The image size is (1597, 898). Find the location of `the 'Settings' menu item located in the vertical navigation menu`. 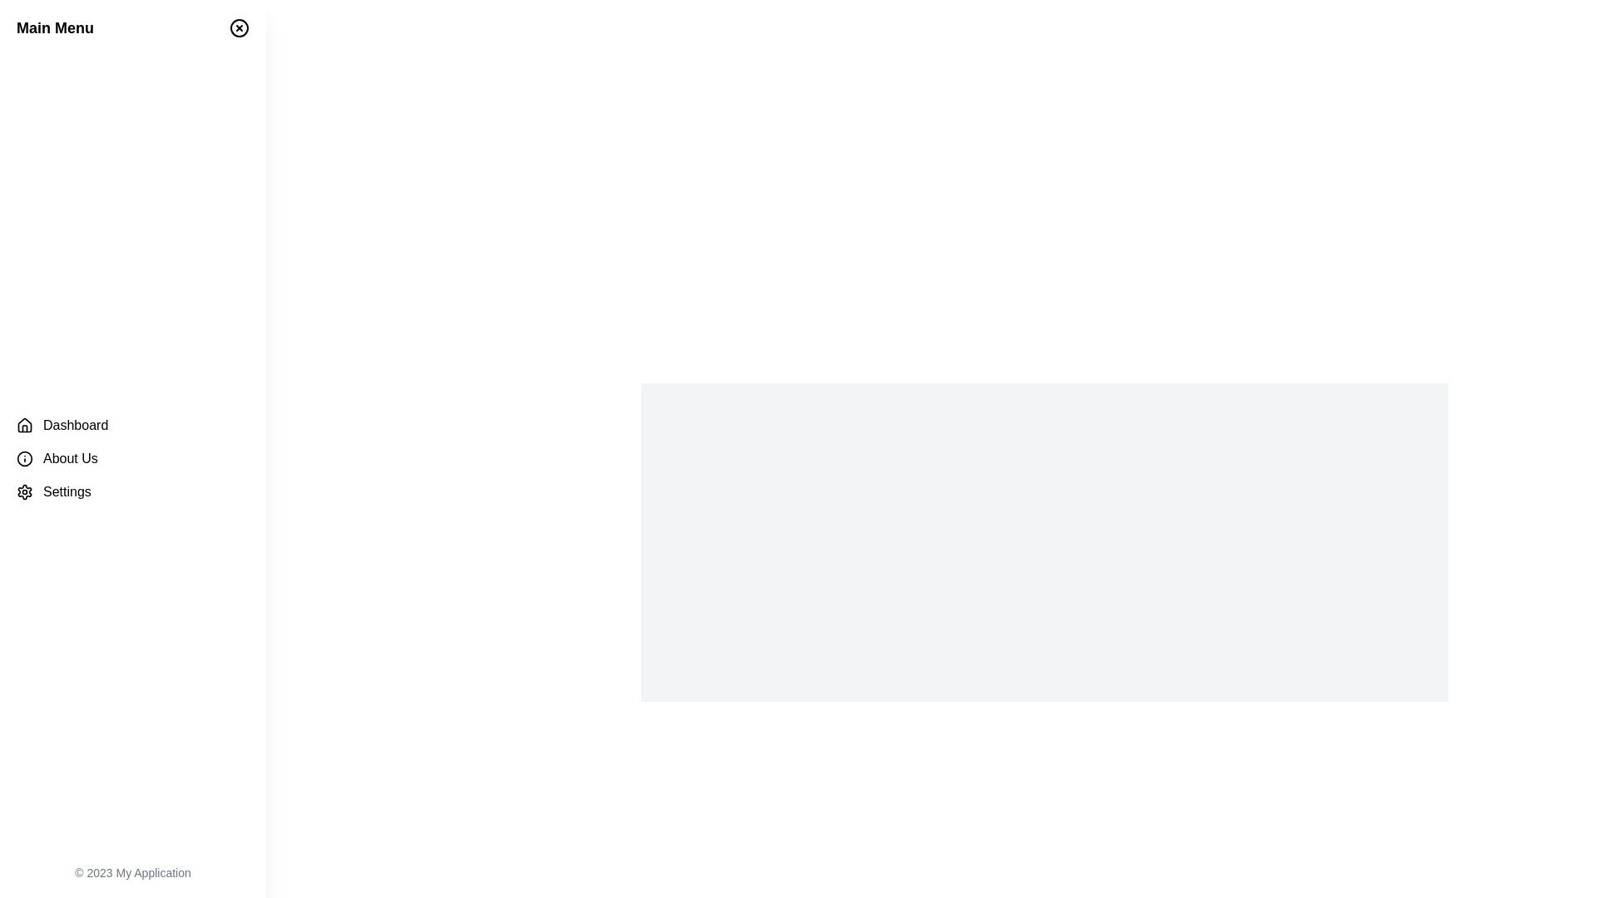

the 'Settings' menu item located in the vertical navigation menu is located at coordinates (131, 491).